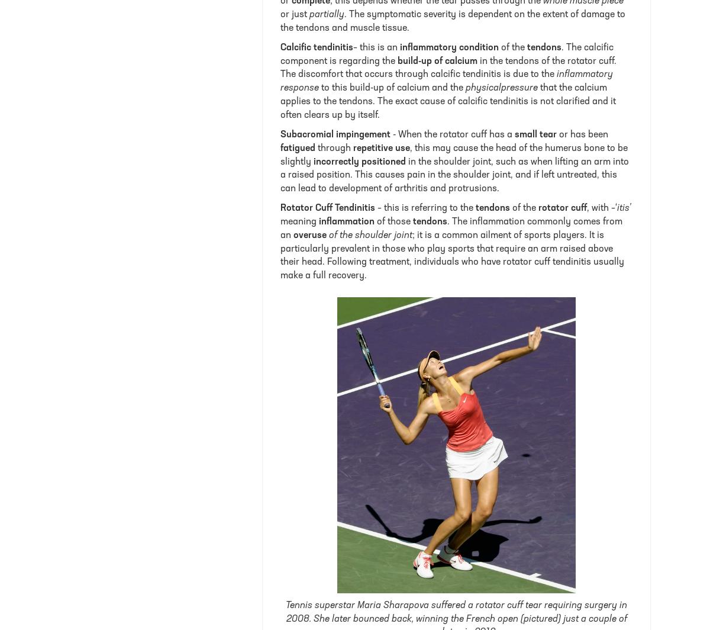 This screenshot has height=630, width=710. What do you see at coordinates (333, 148) in the screenshot?
I see `'through'` at bounding box center [333, 148].